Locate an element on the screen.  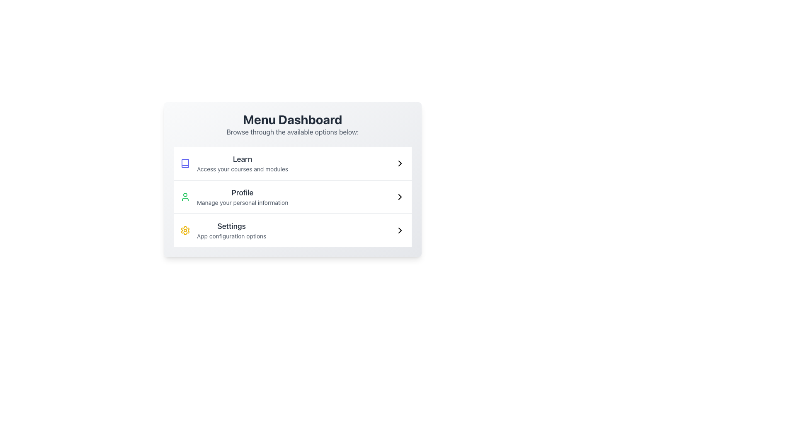
the individual options within the 'Menu Dashboard' card, which contains the items 'Learn', 'Profile', and 'Settings' is located at coordinates (292, 179).